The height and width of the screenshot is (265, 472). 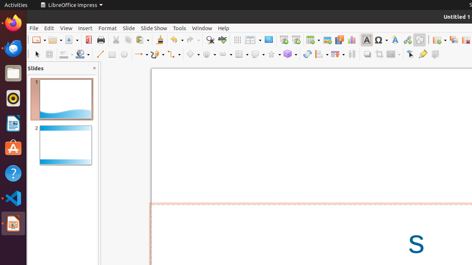 I want to click on 'Visual Studio Code', so click(x=13, y=198).